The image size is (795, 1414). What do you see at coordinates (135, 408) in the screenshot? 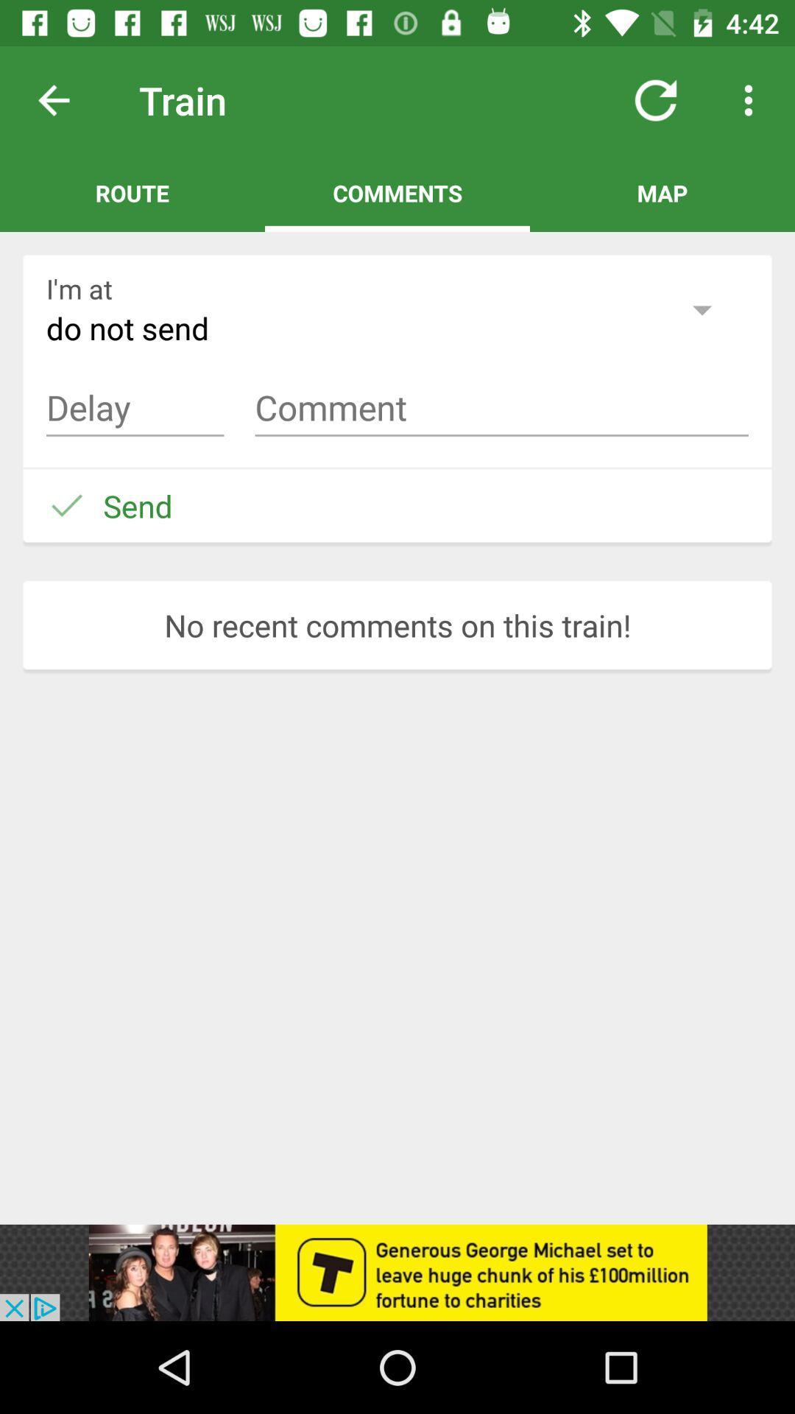
I see `edit the delay section` at bounding box center [135, 408].